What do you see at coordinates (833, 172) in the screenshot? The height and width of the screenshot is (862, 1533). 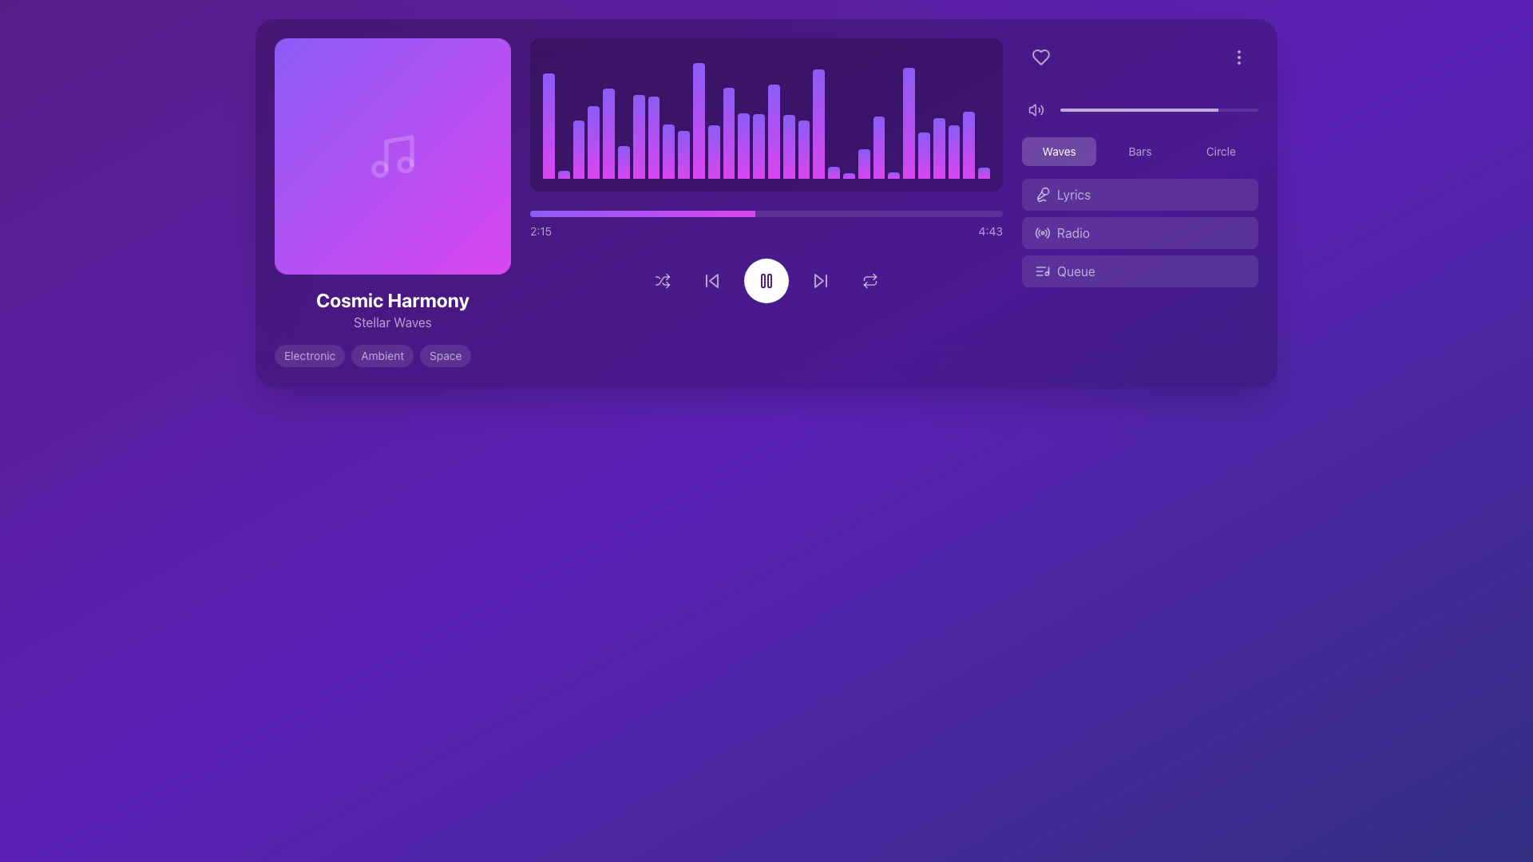 I see `the 19th vertical bar of the audio waveform display, which visually represents an audio signal's amplitude` at bounding box center [833, 172].